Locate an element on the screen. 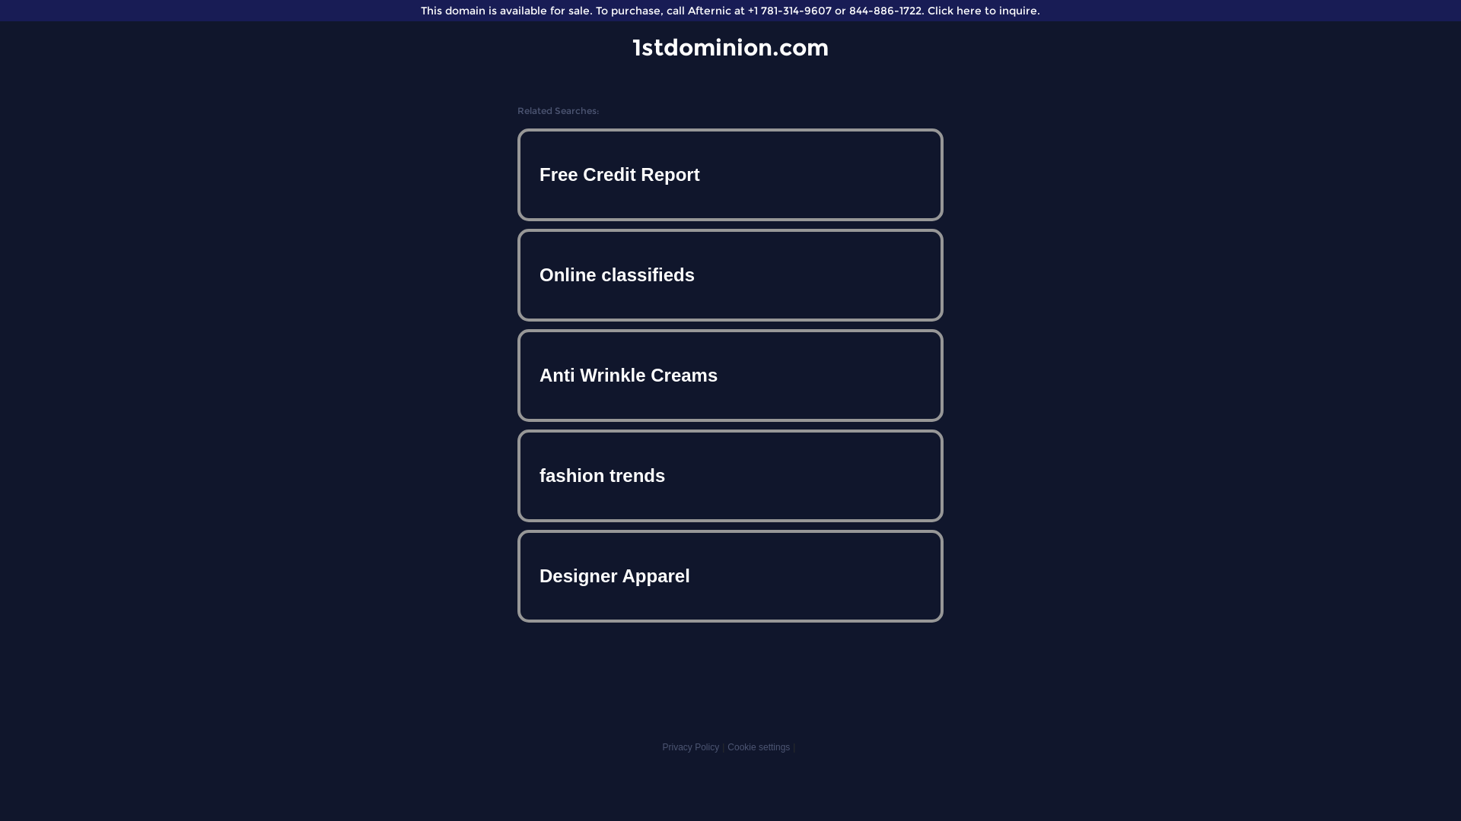 This screenshot has height=821, width=1461. 'Online classifieds' is located at coordinates (730, 275).